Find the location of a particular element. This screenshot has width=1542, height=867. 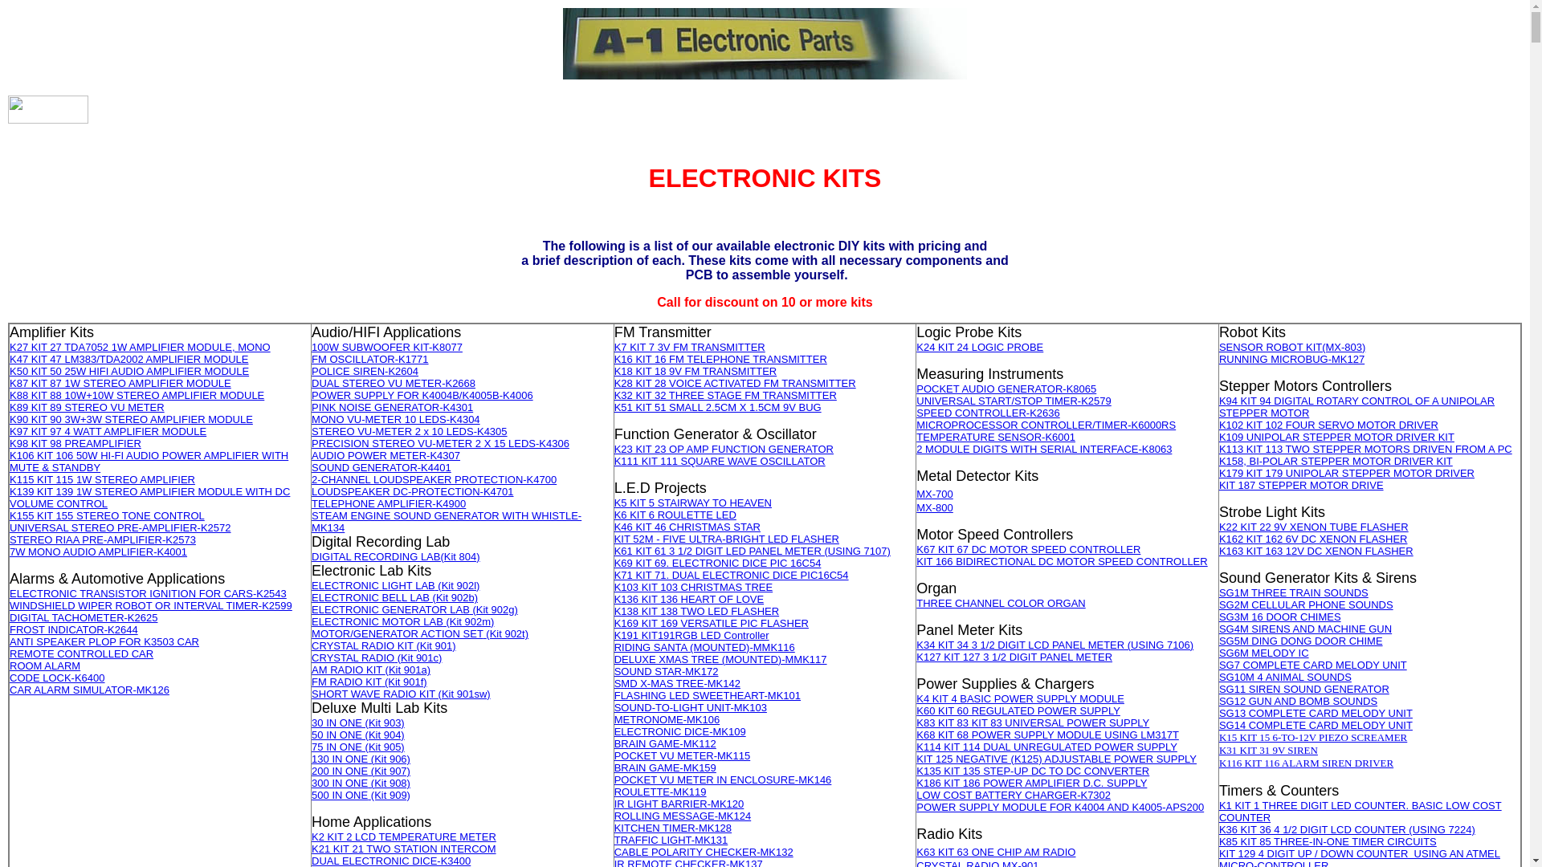

'200 IN ONE (Kit 907)' is located at coordinates (312, 770).